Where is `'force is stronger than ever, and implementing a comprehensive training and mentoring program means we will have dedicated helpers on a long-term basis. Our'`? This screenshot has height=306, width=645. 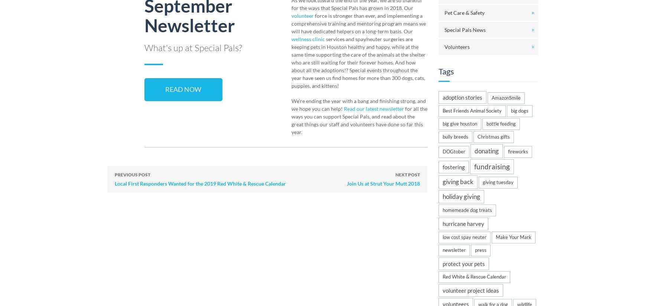 'force is stronger than ever, and implementing a comprehensive training and mentoring program means we will have dedicated helpers on a long-term basis. Our' is located at coordinates (358, 23).